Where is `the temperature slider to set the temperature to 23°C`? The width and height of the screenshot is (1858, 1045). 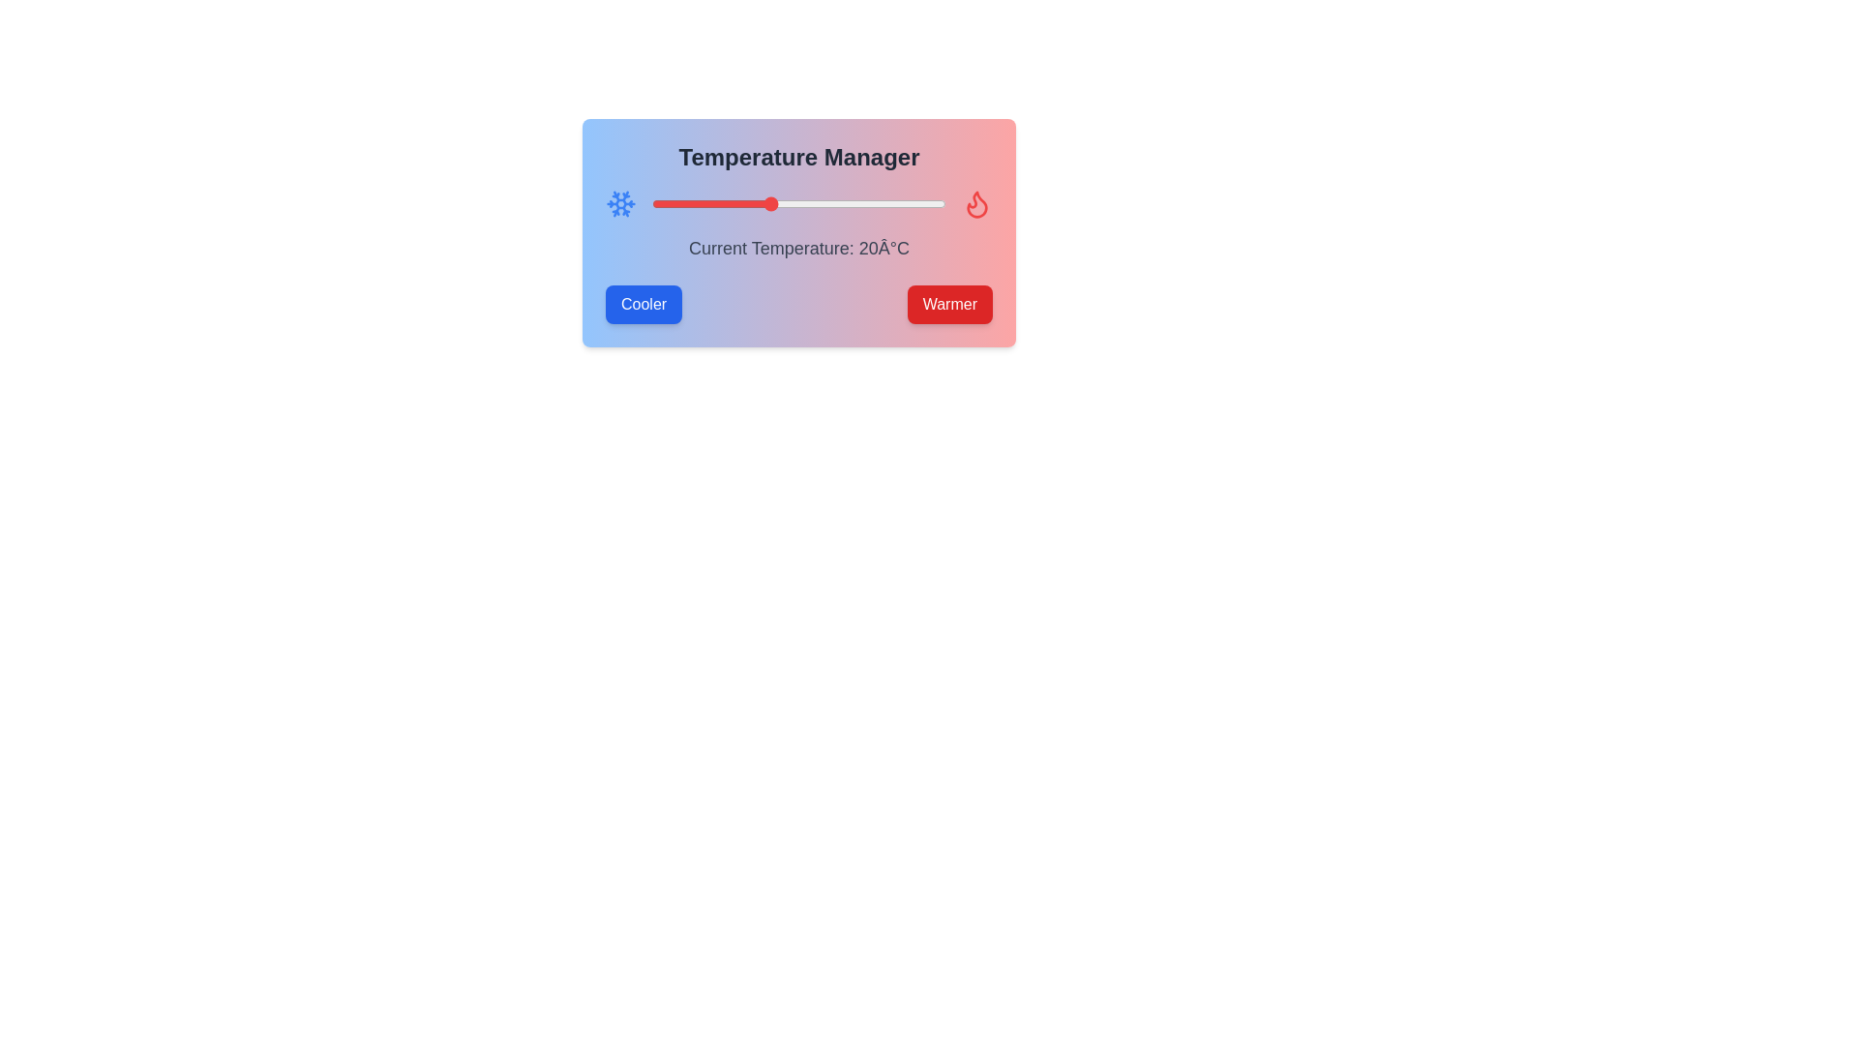
the temperature slider to set the temperature to 23°C is located at coordinates (787, 204).